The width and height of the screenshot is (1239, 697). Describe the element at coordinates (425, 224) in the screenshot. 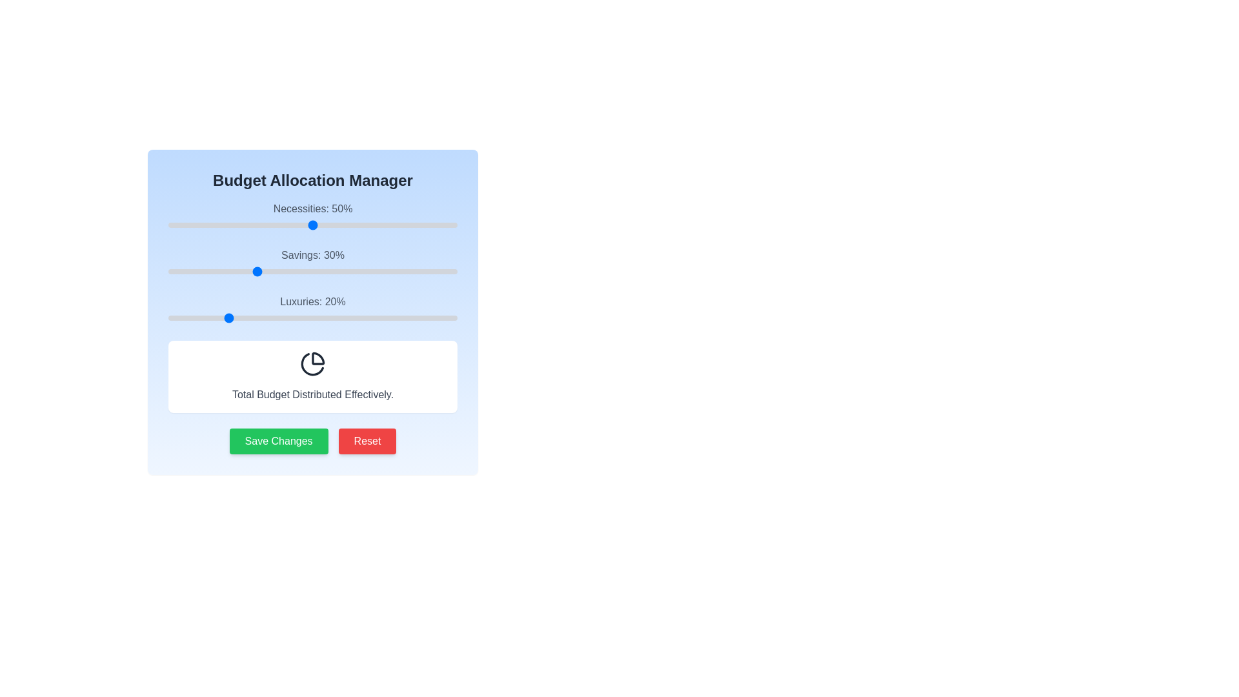

I see `the 'Necessities' slider` at that location.